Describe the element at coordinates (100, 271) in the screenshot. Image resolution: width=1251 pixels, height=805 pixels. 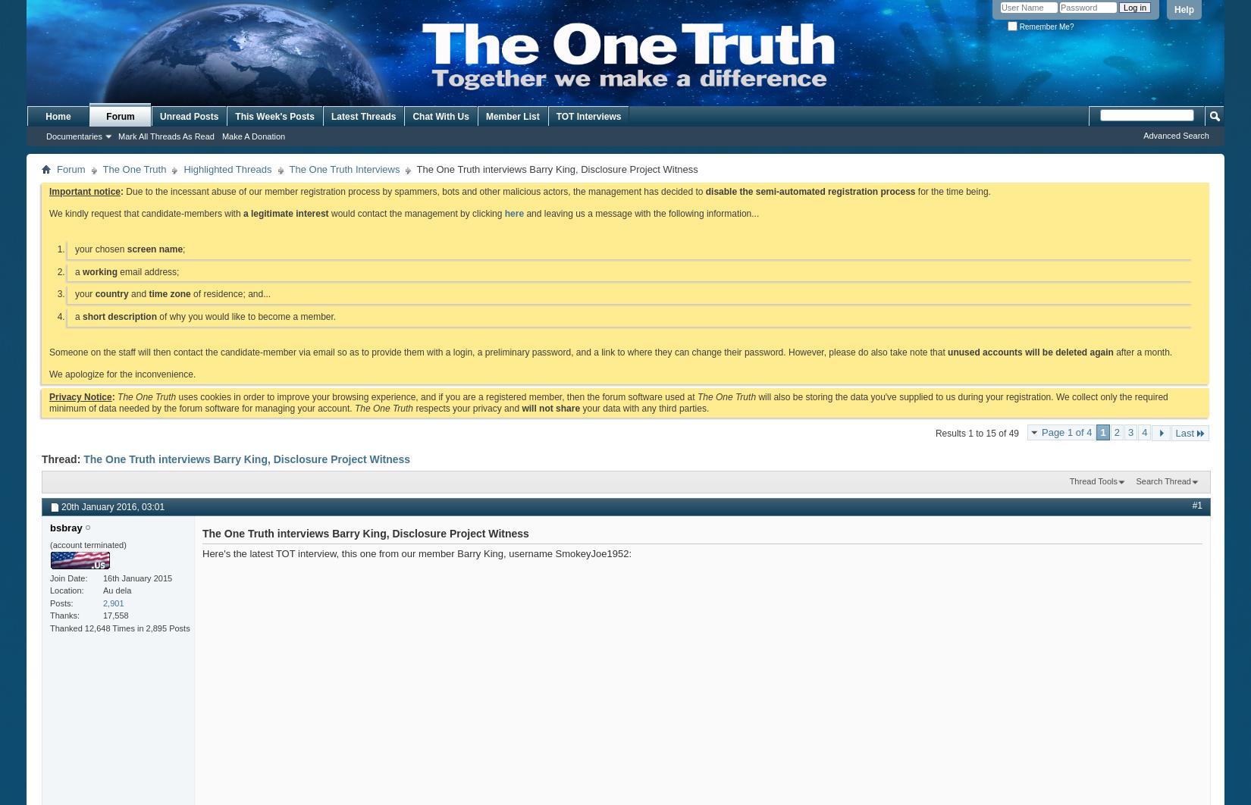
I see `'working'` at that location.